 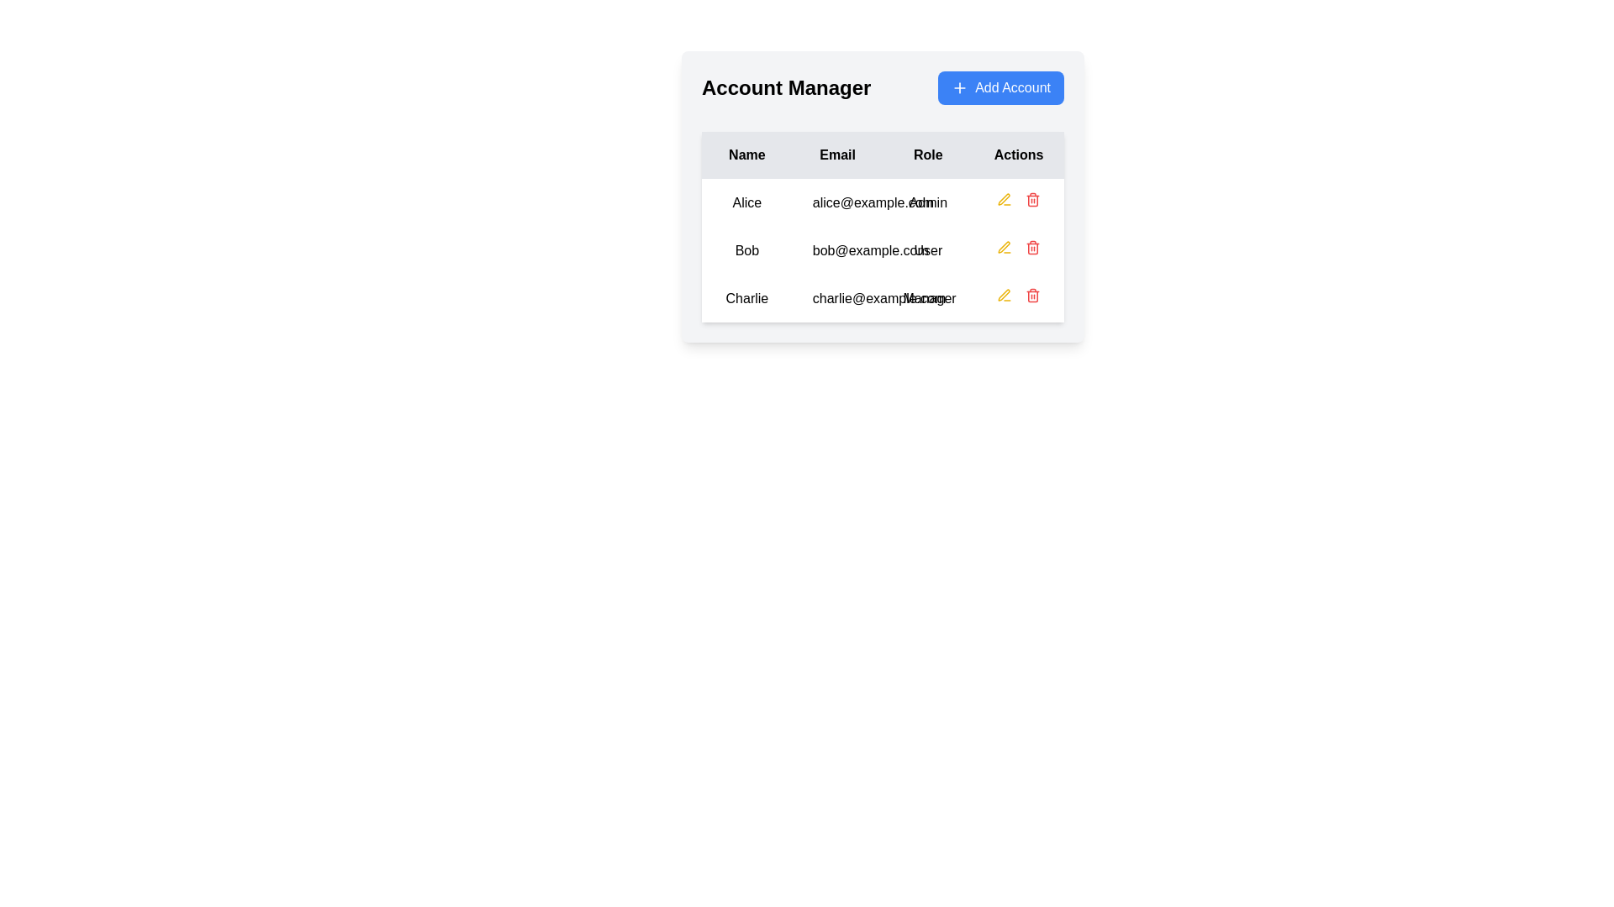 What do you see at coordinates (1001, 87) in the screenshot?
I see `the 'Add New Account' button located at the top-right corner of the 'Account Manager' section, which triggers a context menu if available` at bounding box center [1001, 87].